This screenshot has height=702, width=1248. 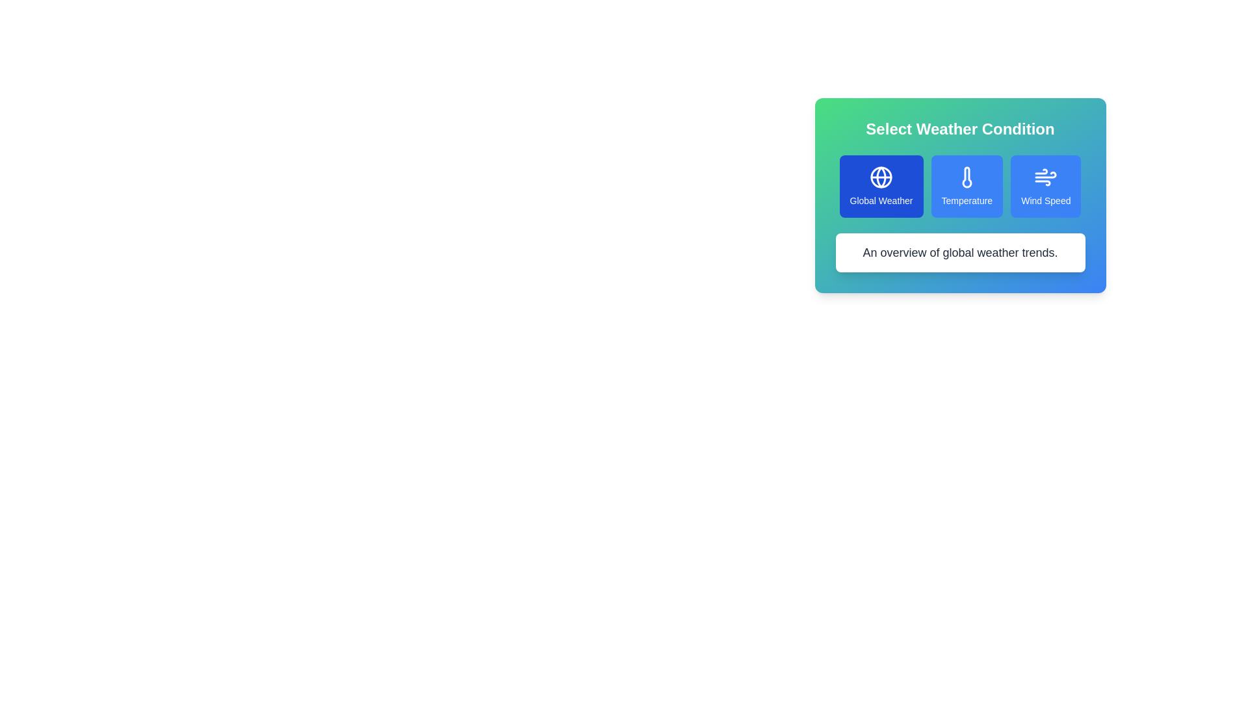 I want to click on the weather condition Wind Speed to view its details, so click(x=1046, y=186).